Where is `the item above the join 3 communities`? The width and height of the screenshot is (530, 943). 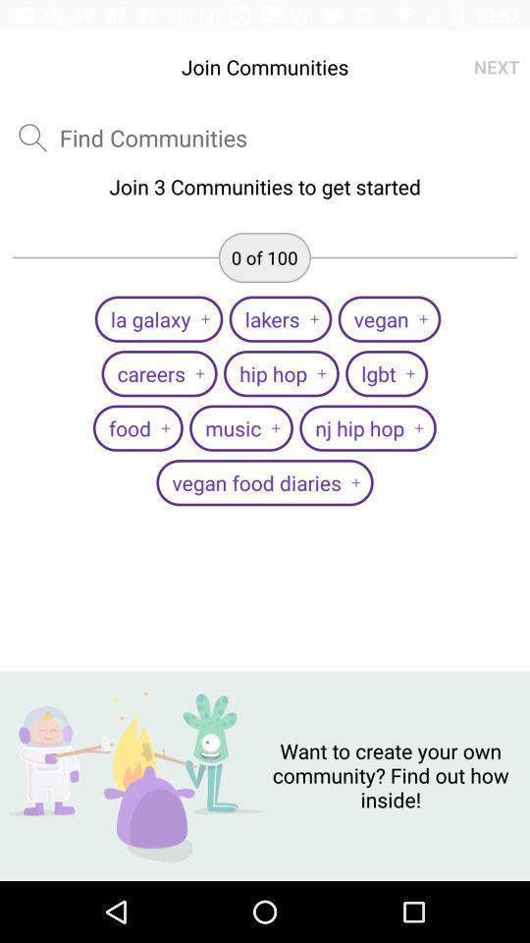 the item above the join 3 communities is located at coordinates (152, 137).